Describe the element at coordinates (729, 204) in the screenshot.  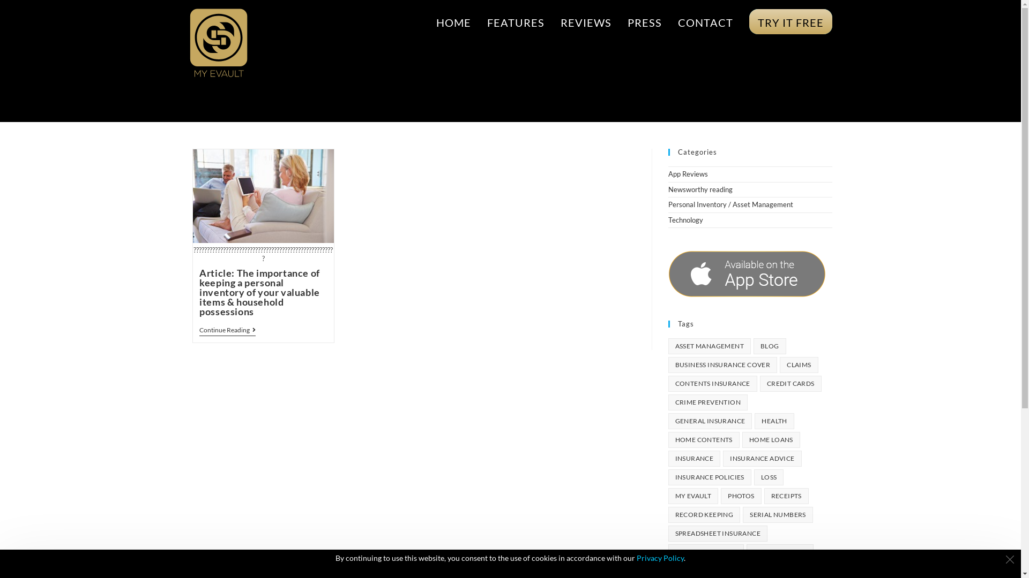
I see `'Personal Inventory / Asset Management'` at that location.